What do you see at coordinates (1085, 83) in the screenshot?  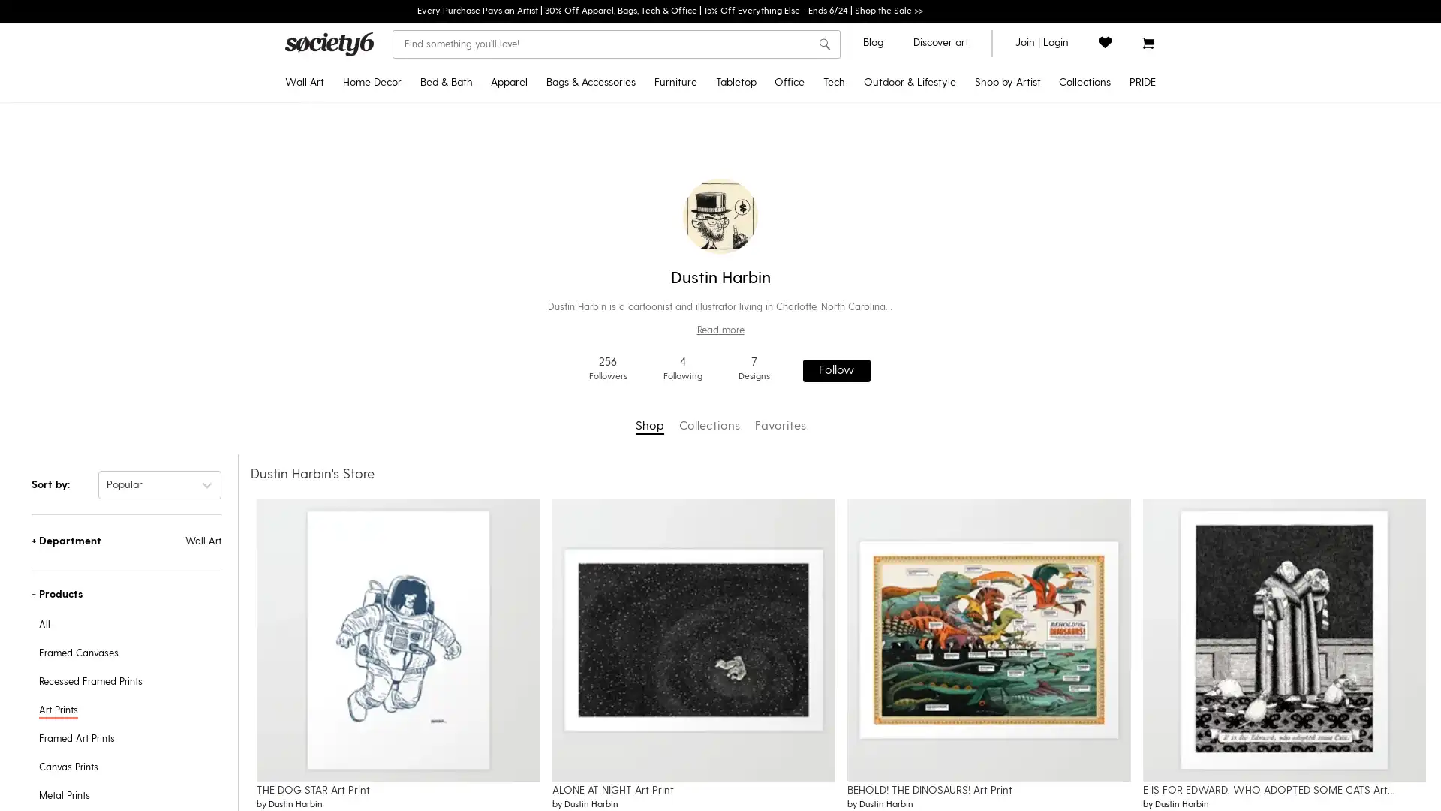 I see `Collections` at bounding box center [1085, 83].